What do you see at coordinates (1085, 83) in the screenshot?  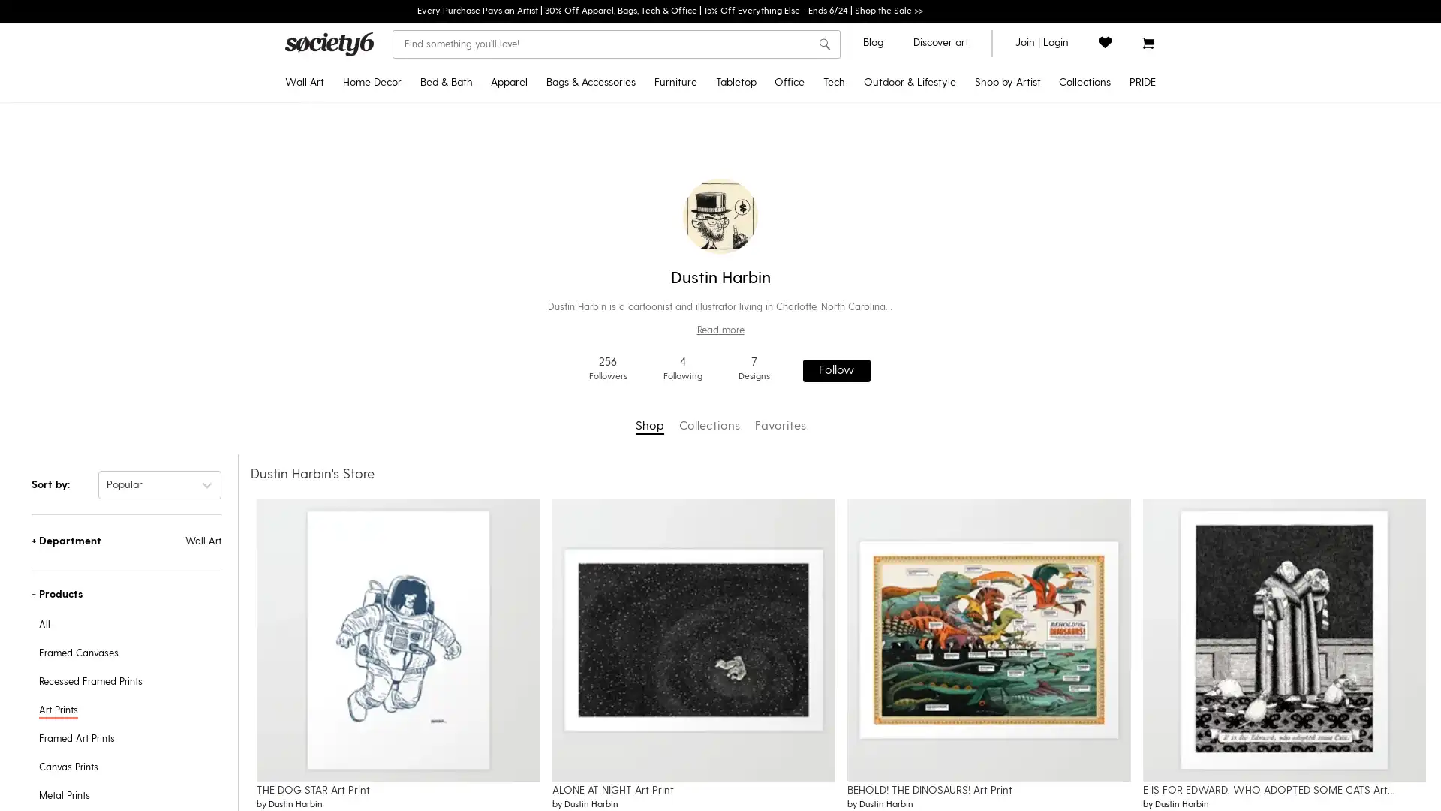 I see `Collections` at bounding box center [1085, 83].